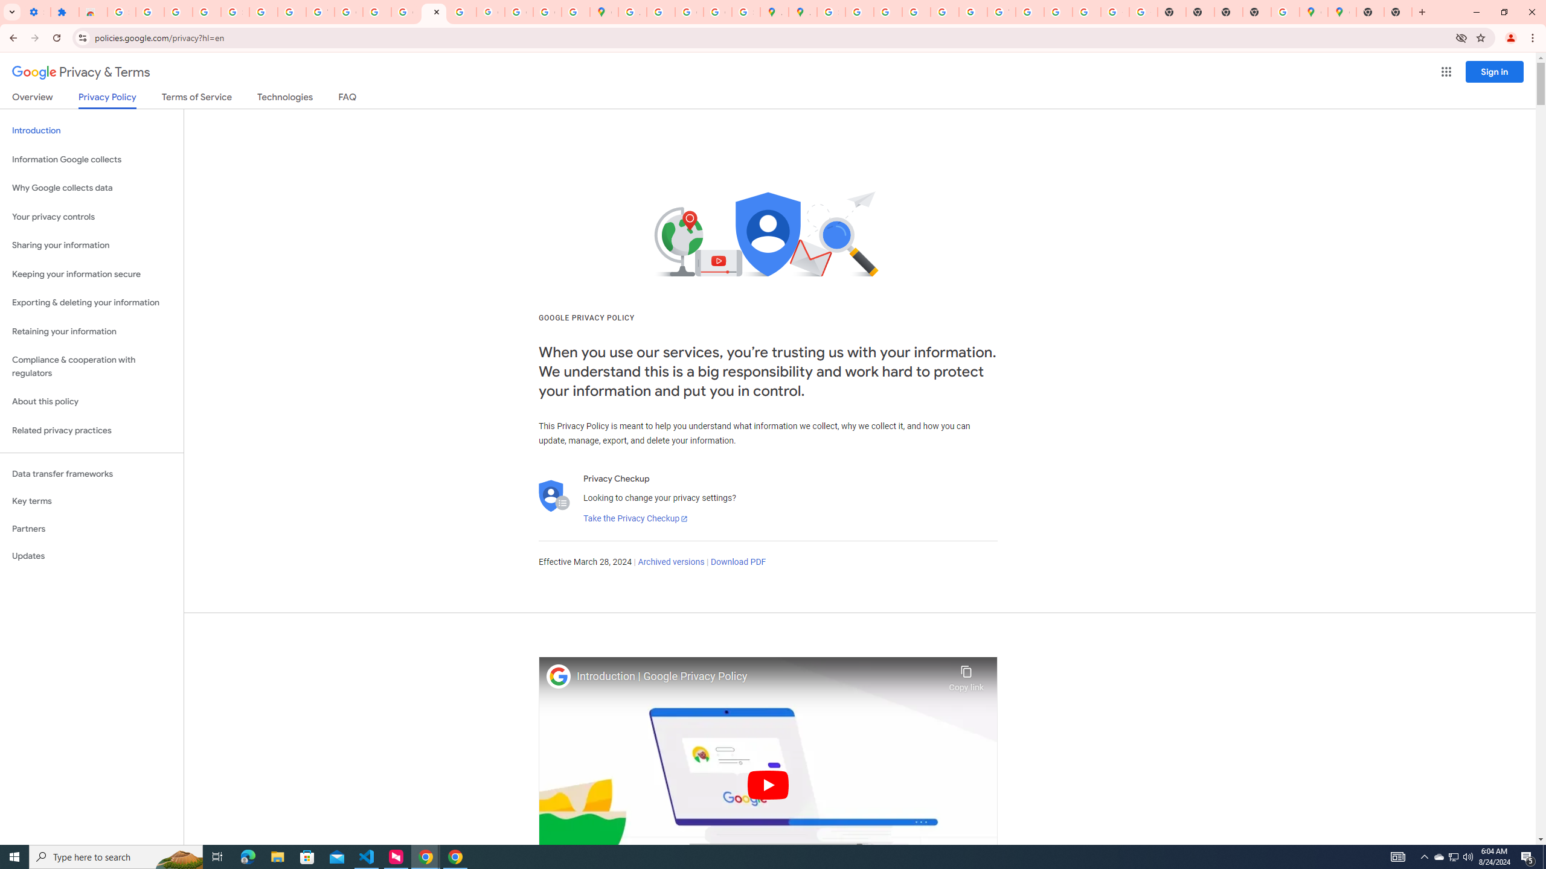  Describe the element at coordinates (1511, 37) in the screenshot. I see `'You'` at that location.